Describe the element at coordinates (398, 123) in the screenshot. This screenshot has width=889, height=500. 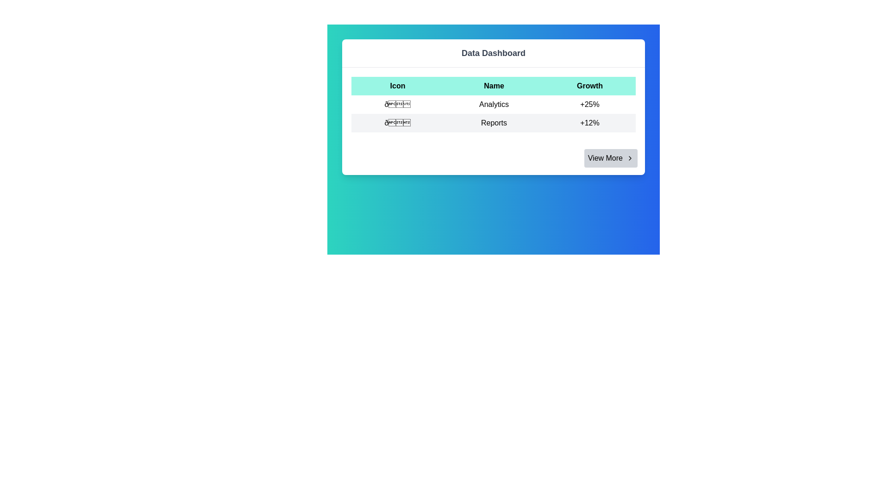
I see `the graphical icon representing the 'Reports' data row, which is located in the first entry of the second row under the 'Icon' column` at that location.